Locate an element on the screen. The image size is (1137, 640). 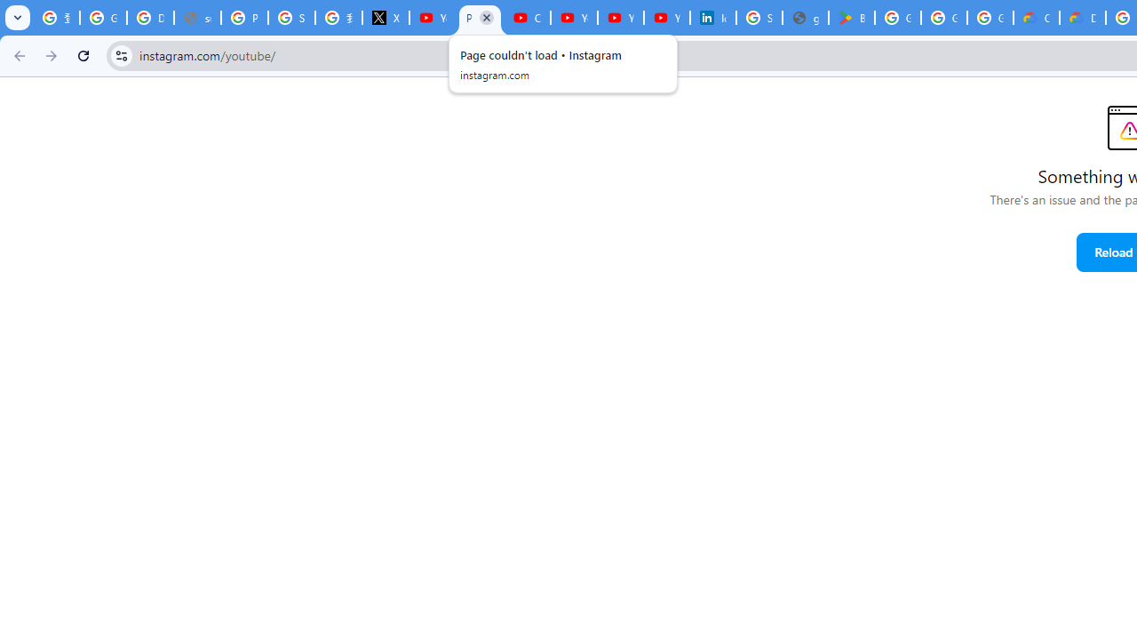
'Sign in - Google Accounts' is located at coordinates (759, 18).